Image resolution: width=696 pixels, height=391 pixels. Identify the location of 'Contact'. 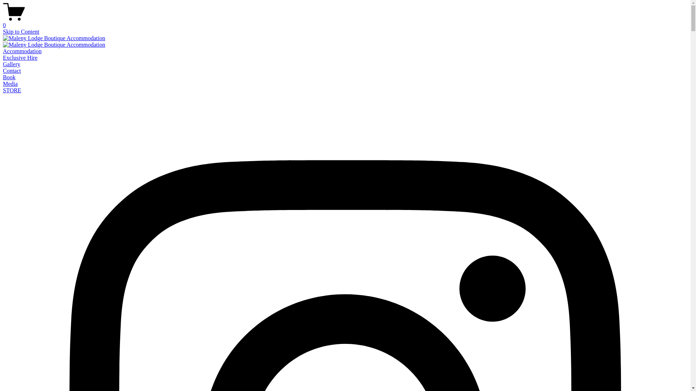
(12, 71).